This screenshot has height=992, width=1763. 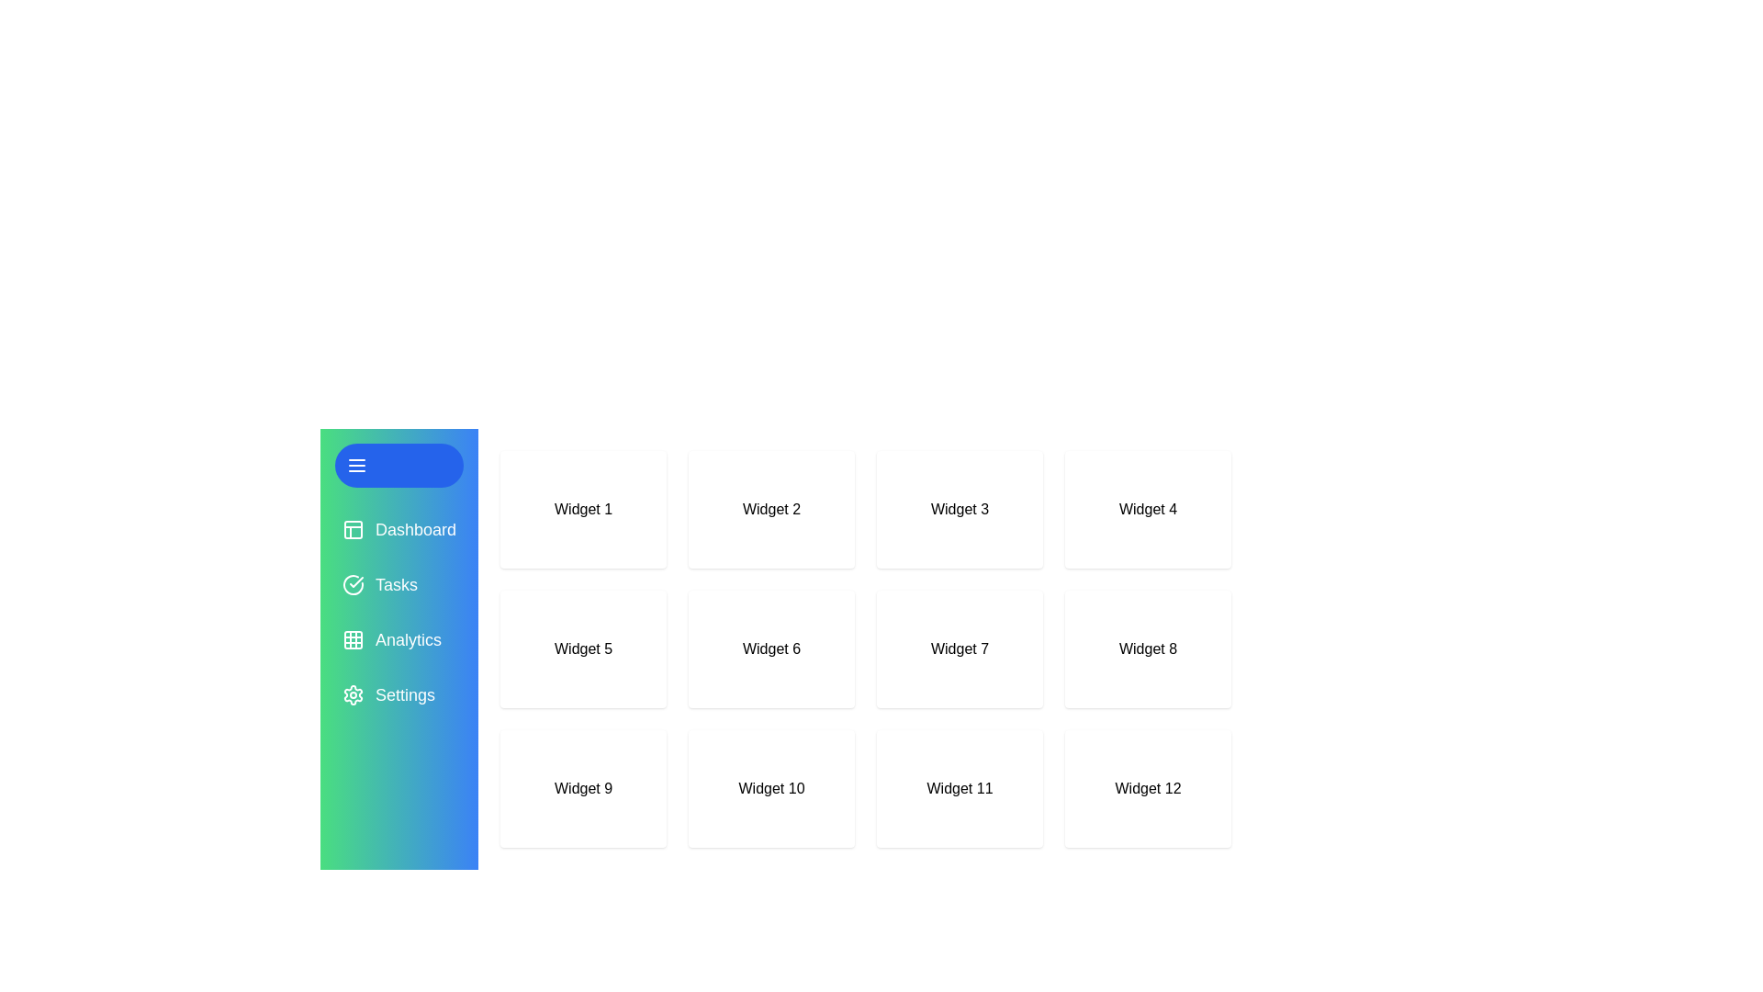 I want to click on the navigation menu item Analytics, so click(x=399, y=639).